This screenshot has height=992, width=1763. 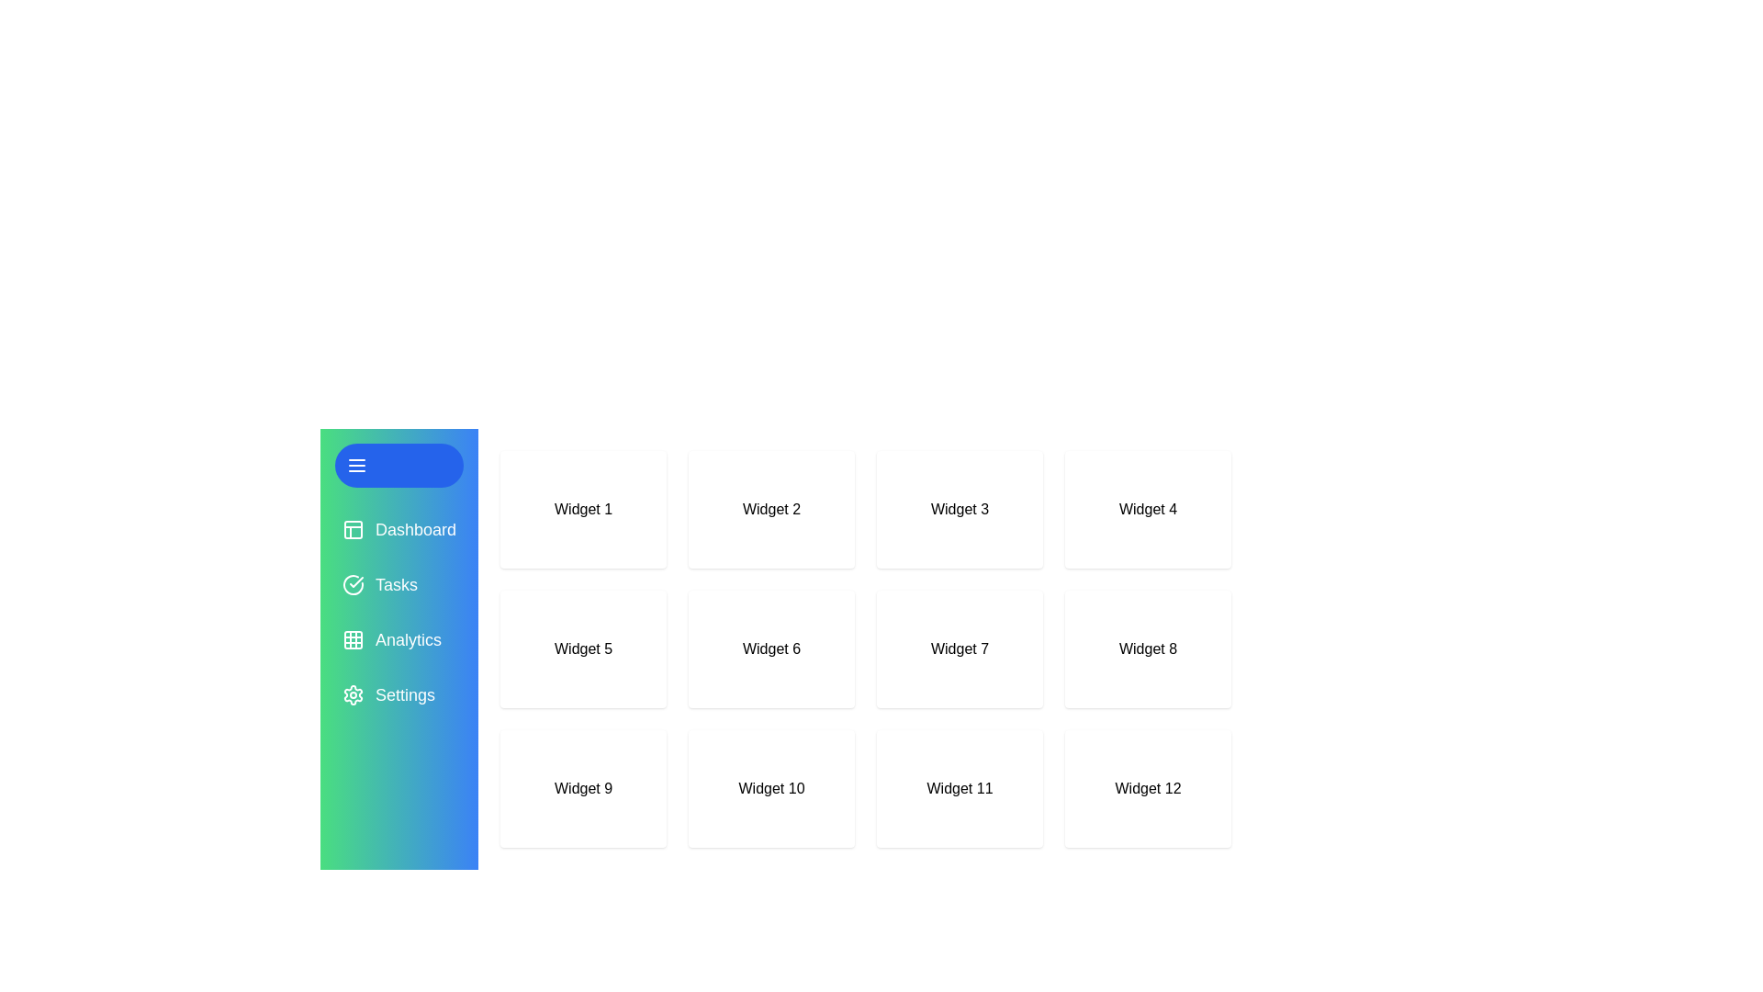 I want to click on the navigation menu item Analytics, so click(x=399, y=639).